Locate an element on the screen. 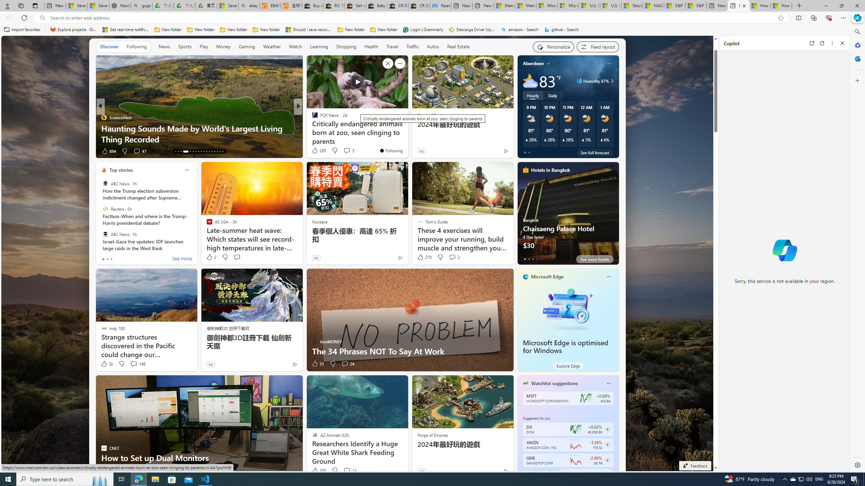 Image resolution: width=865 pixels, height=486 pixels. 'Chaisaeng Palace Hotel' is located at coordinates (568, 216).